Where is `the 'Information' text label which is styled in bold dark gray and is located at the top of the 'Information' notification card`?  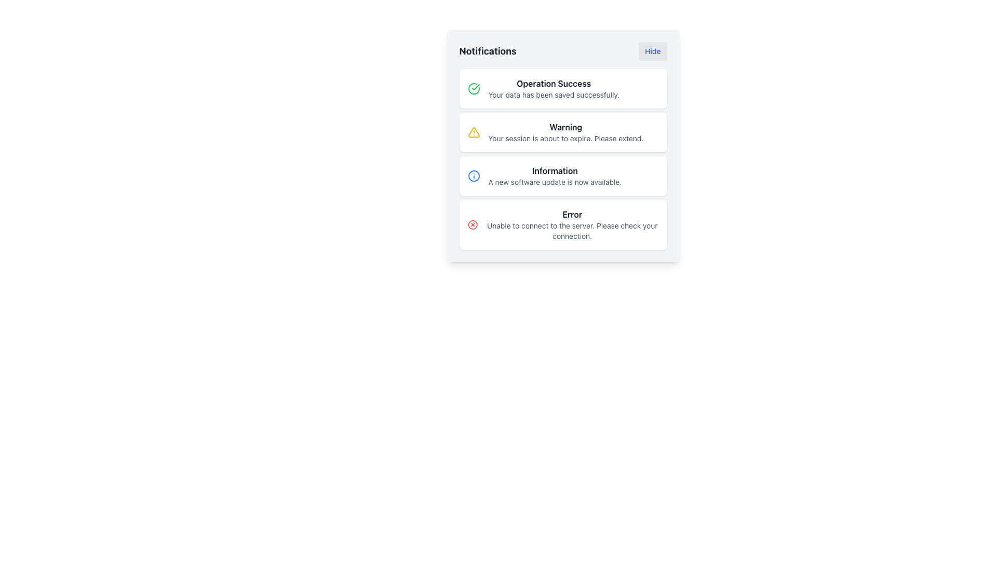 the 'Information' text label which is styled in bold dark gray and is located at the top of the 'Information' notification card is located at coordinates (554, 170).